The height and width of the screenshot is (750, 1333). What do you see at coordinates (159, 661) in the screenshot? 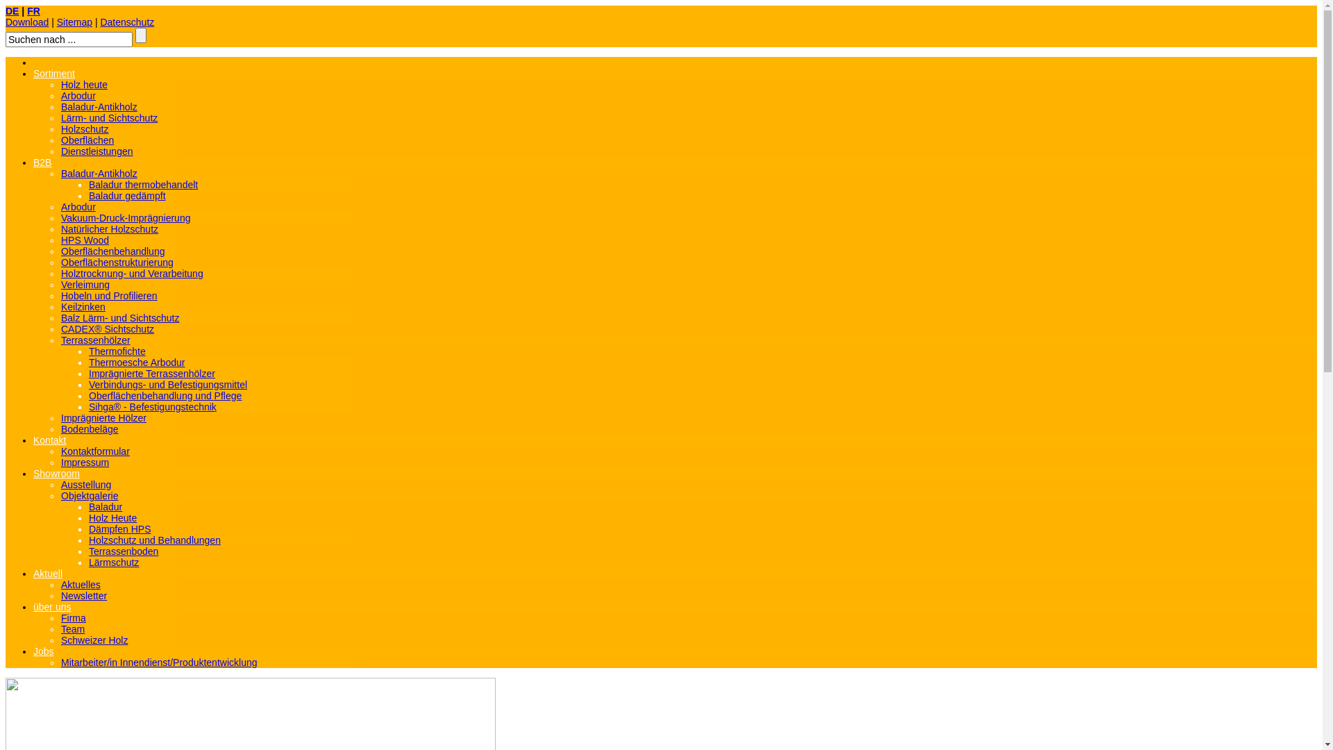
I see `'Mitarbeiter/in Innendienst/Produktentwicklung'` at bounding box center [159, 661].